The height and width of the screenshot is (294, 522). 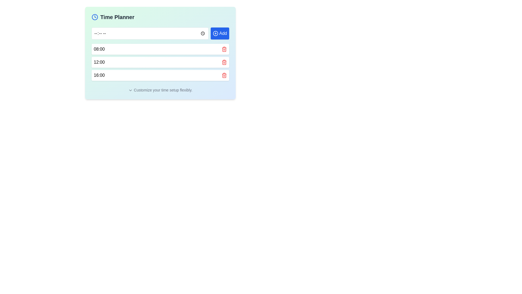 I want to click on the trash can body element, which is part of a trash icon used for deletion actions, located adjacent to time entries, so click(x=224, y=62).